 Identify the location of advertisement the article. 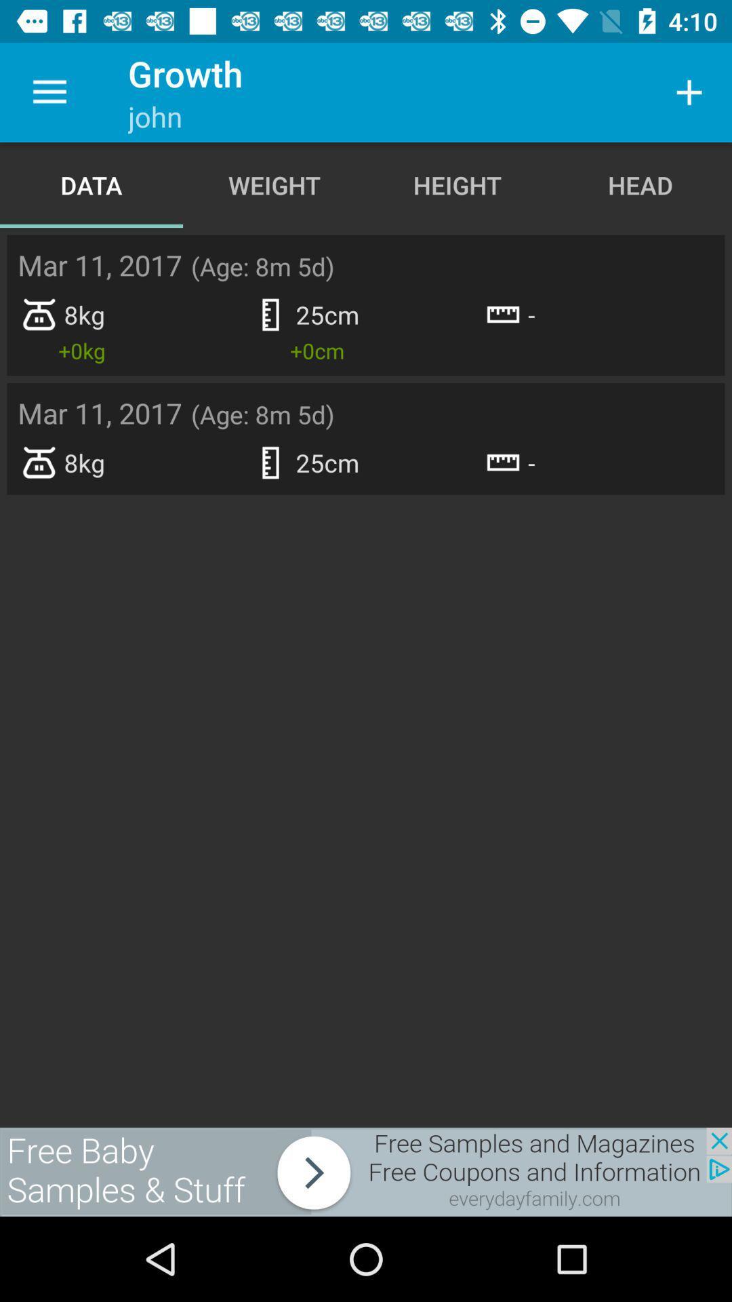
(366, 1171).